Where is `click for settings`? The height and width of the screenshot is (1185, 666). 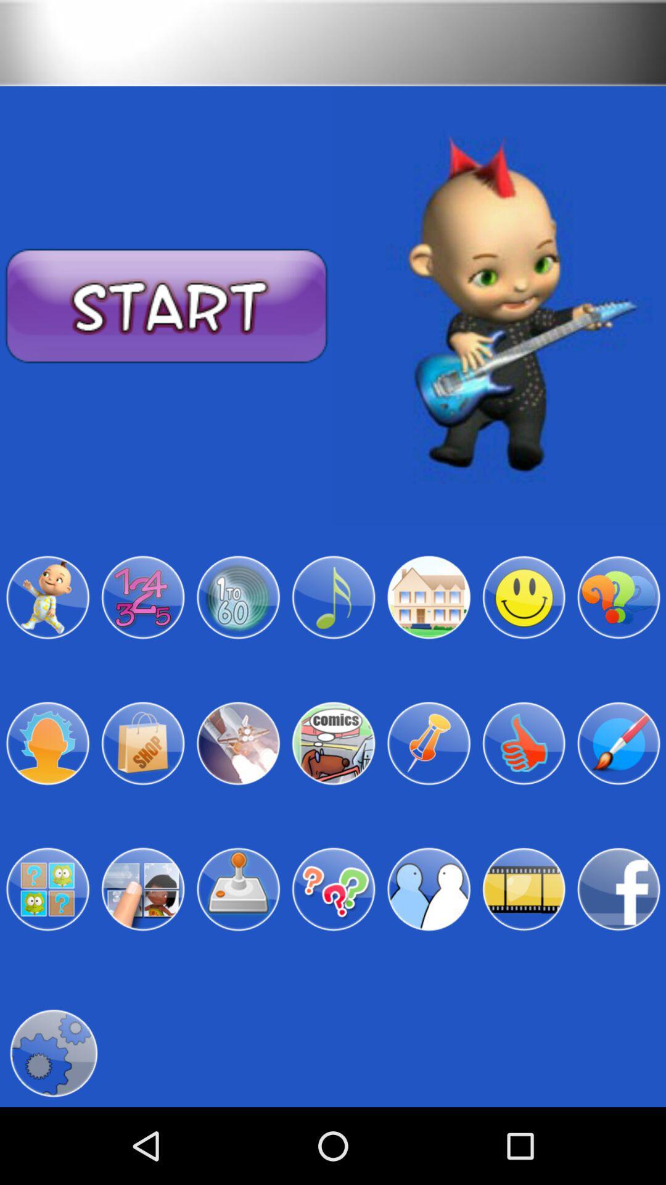
click for settings is located at coordinates (53, 1053).